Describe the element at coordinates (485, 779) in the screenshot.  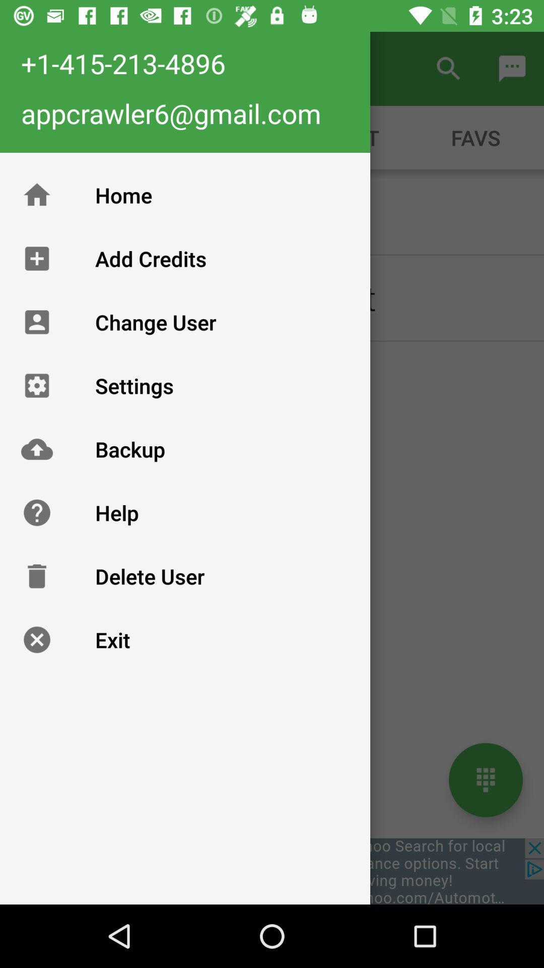
I see `the dialpad icon` at that location.